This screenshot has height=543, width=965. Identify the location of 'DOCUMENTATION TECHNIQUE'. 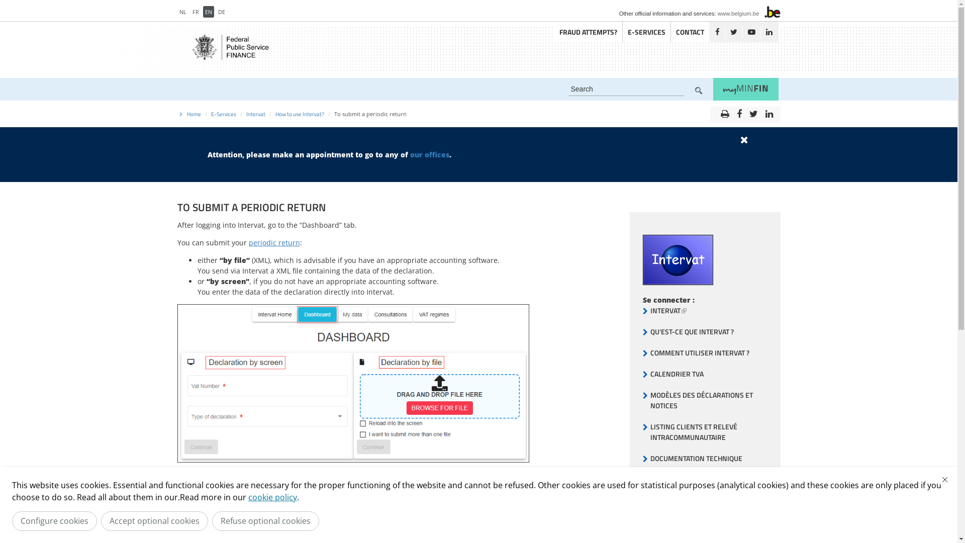
(696, 458).